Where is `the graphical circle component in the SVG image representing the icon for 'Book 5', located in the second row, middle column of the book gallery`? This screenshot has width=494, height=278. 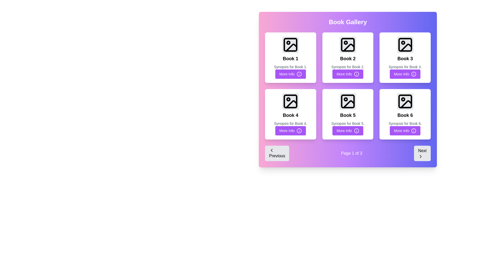 the graphical circle component in the SVG image representing the icon for 'Book 5', located in the second row, middle column of the book gallery is located at coordinates (346, 99).